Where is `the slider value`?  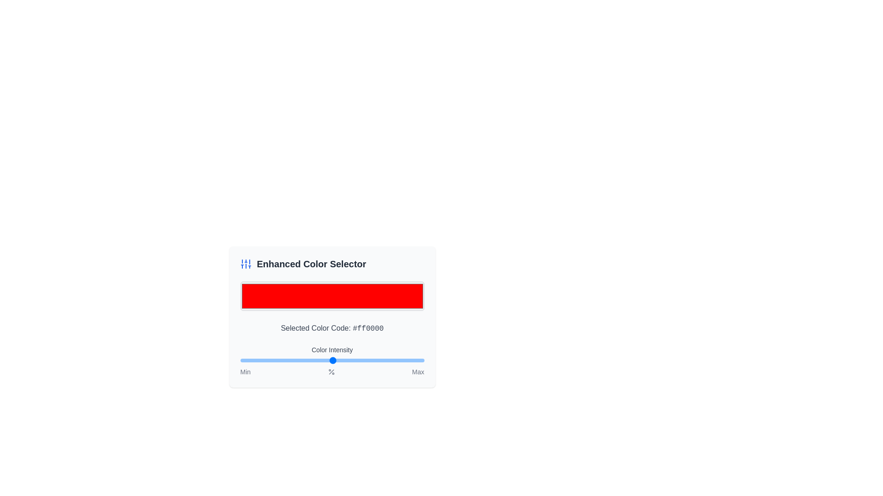 the slider value is located at coordinates (422, 360).